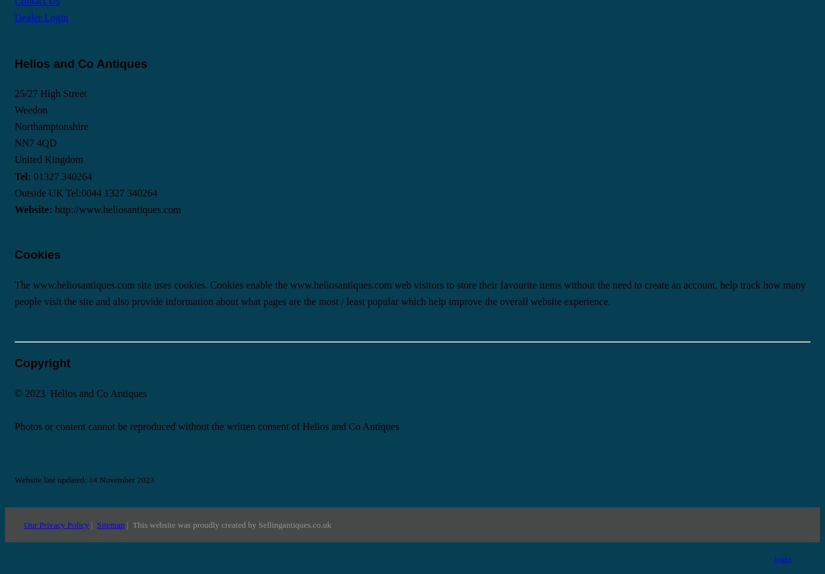 This screenshot has width=825, height=574. What do you see at coordinates (23, 176) in the screenshot?
I see `'Tel:'` at bounding box center [23, 176].